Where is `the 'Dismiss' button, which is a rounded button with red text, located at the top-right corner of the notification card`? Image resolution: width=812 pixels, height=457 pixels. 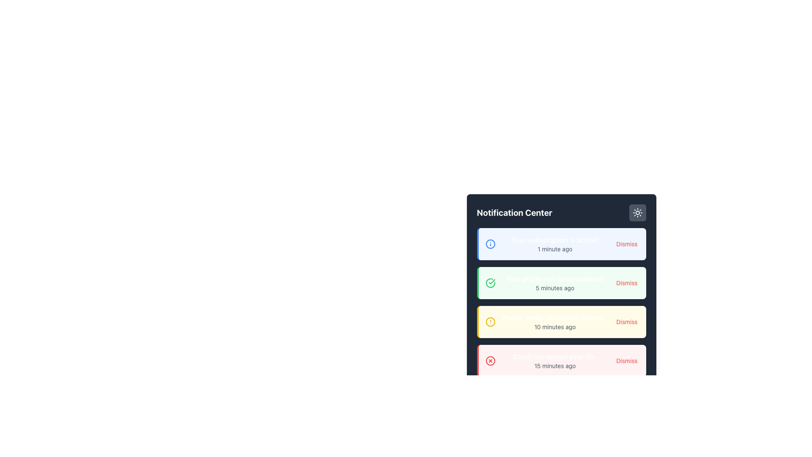
the 'Dismiss' button, which is a rounded button with red text, located at the top-right corner of the notification card is located at coordinates (627, 244).